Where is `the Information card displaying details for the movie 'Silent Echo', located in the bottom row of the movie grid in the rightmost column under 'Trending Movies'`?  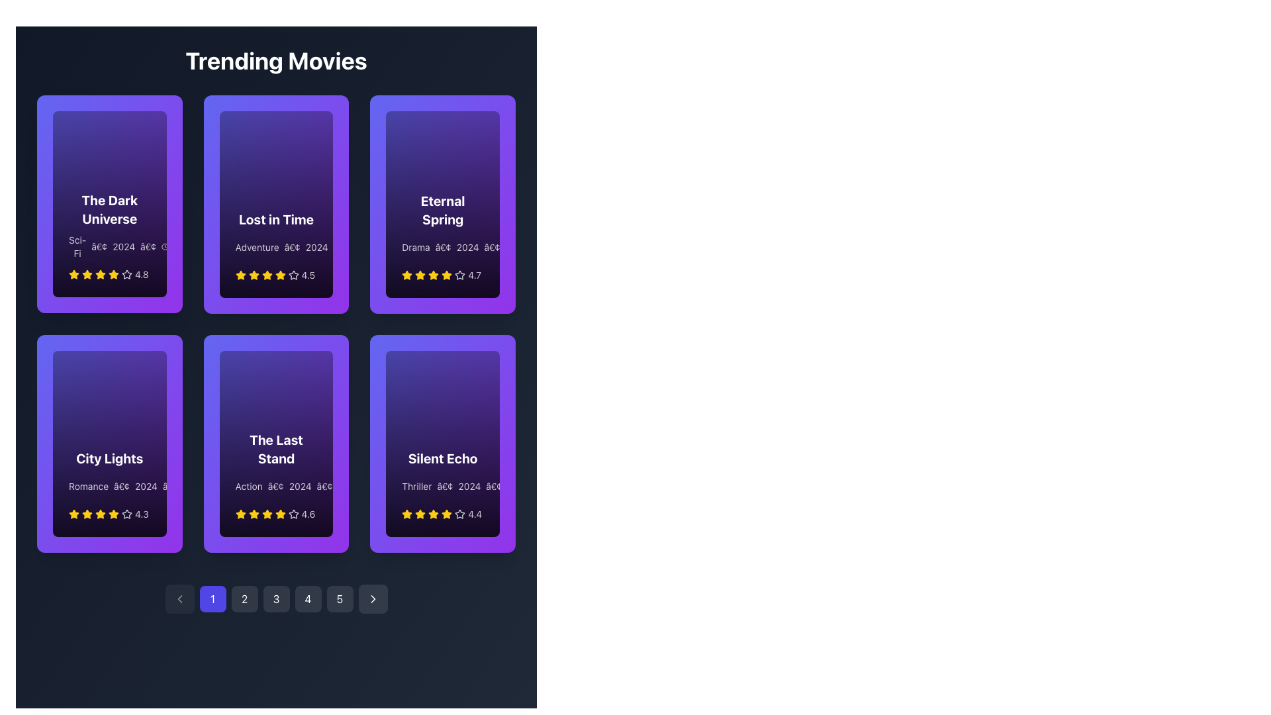 the Information card displaying details for the movie 'Silent Echo', located in the bottom row of the movie grid in the rightmost column under 'Trending Movies' is located at coordinates (443, 485).